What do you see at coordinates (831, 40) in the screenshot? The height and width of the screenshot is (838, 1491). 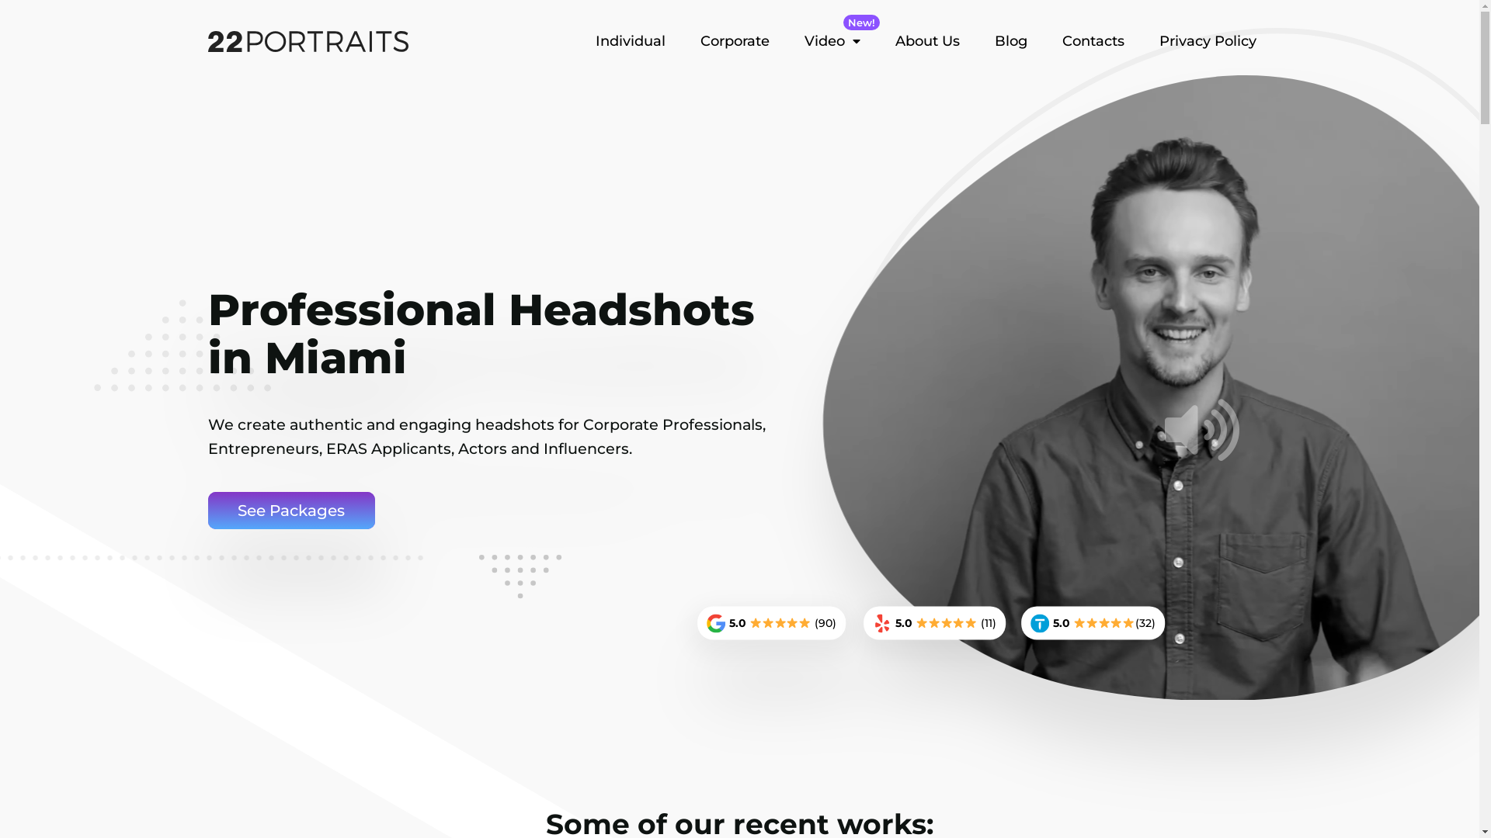 I see `'New!` at bounding box center [831, 40].